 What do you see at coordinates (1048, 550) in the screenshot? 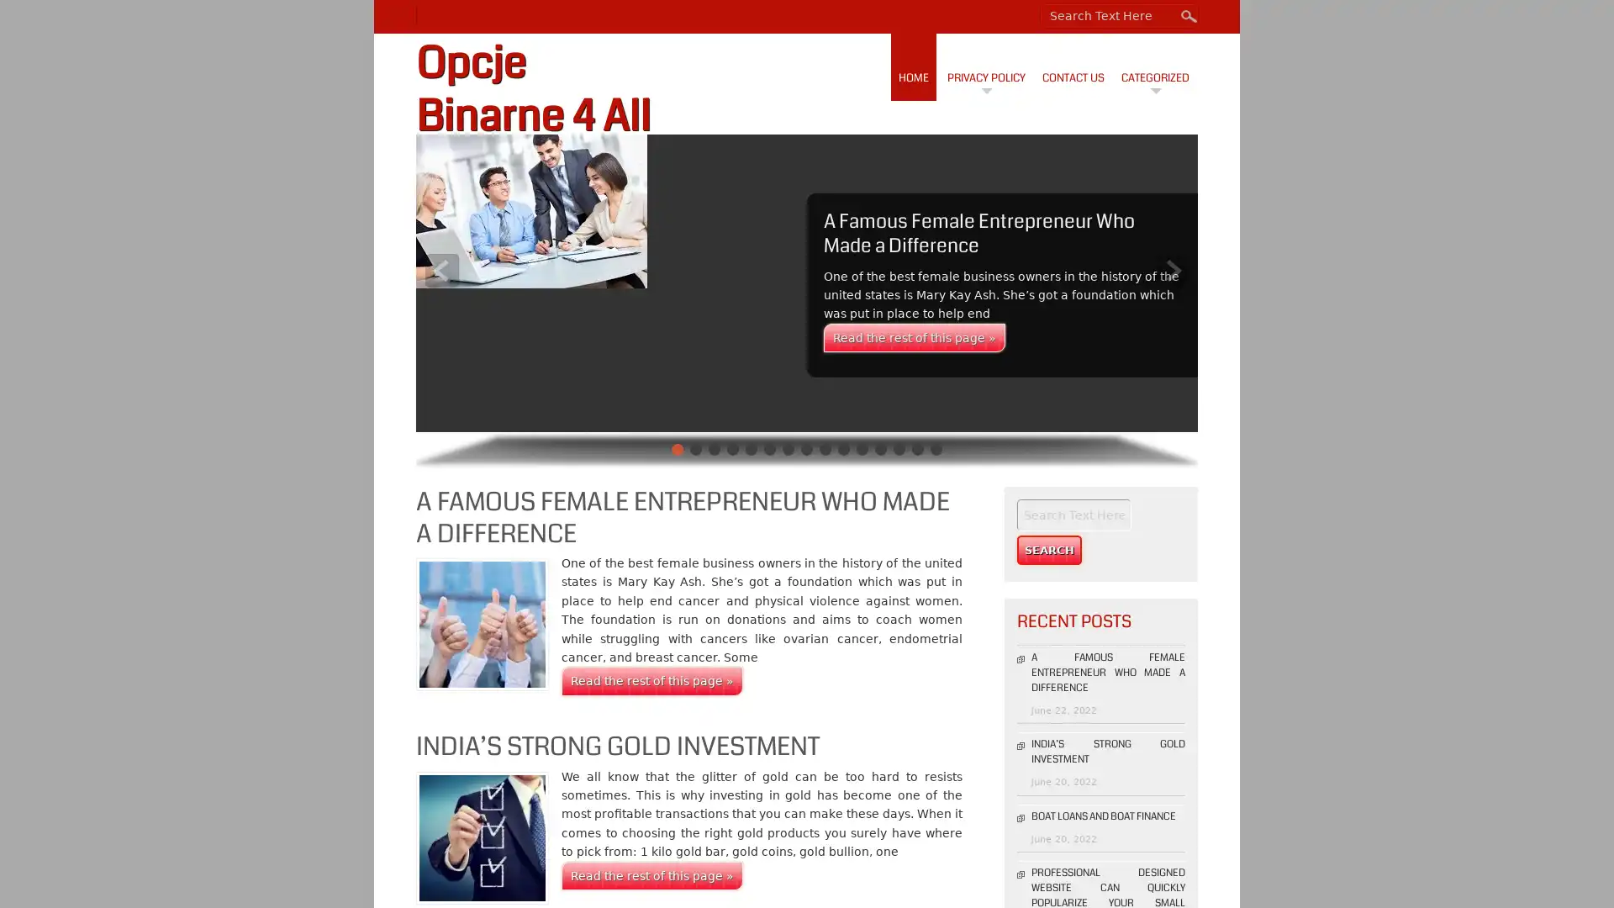
I see `Search` at bounding box center [1048, 550].